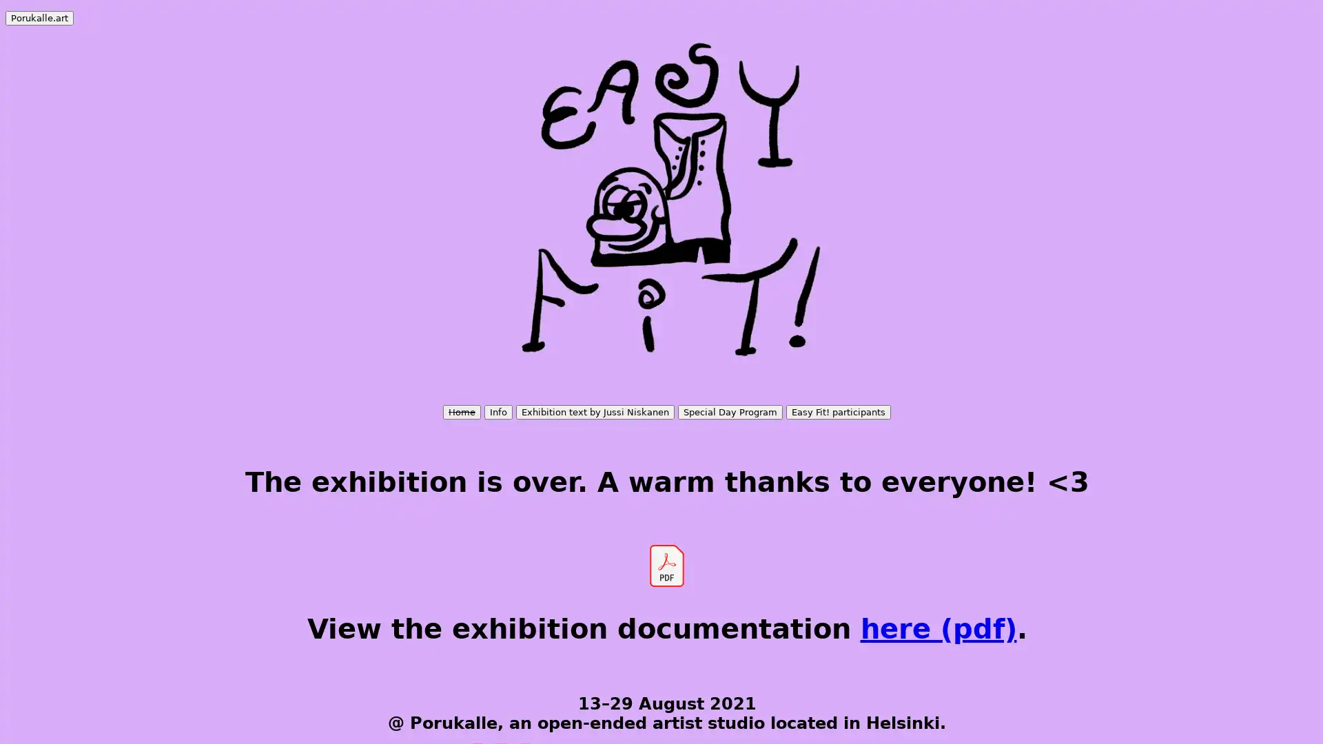 The width and height of the screenshot is (1323, 744). Describe the element at coordinates (462, 411) in the screenshot. I see `Home` at that location.